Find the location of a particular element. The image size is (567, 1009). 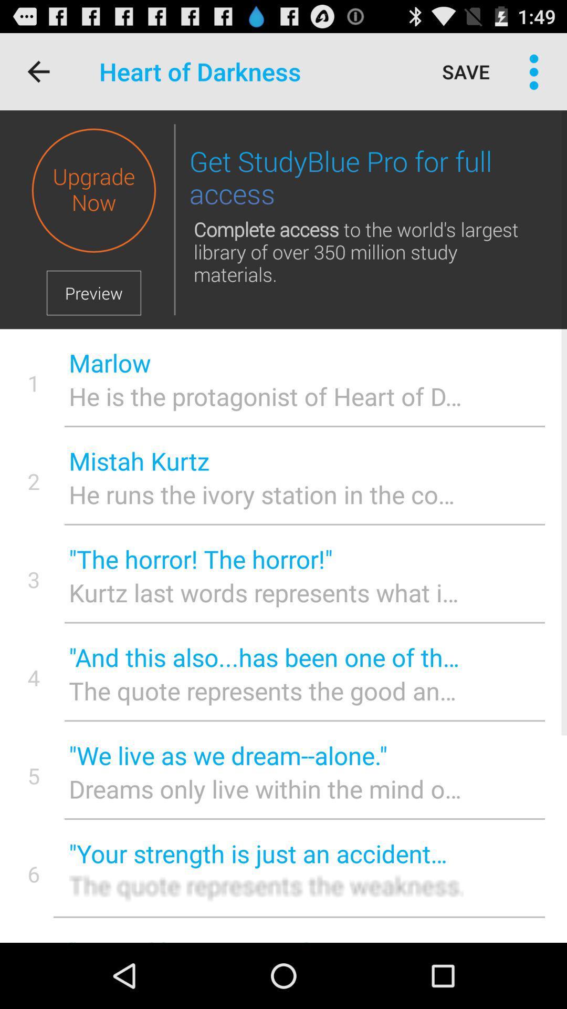

the item to the right of the 5 icon is located at coordinates (265, 789).